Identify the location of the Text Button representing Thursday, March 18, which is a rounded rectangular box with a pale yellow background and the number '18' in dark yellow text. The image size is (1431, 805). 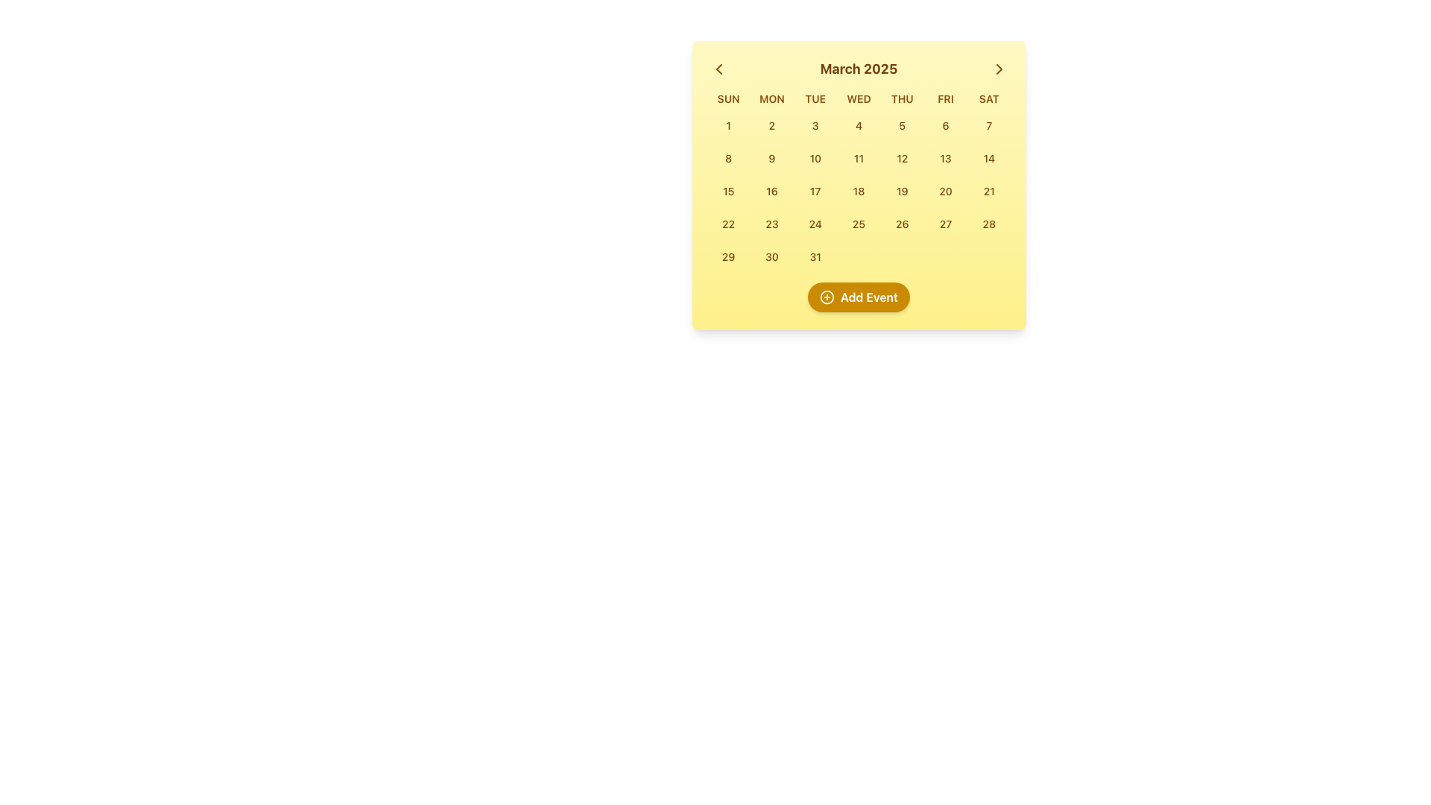
(859, 191).